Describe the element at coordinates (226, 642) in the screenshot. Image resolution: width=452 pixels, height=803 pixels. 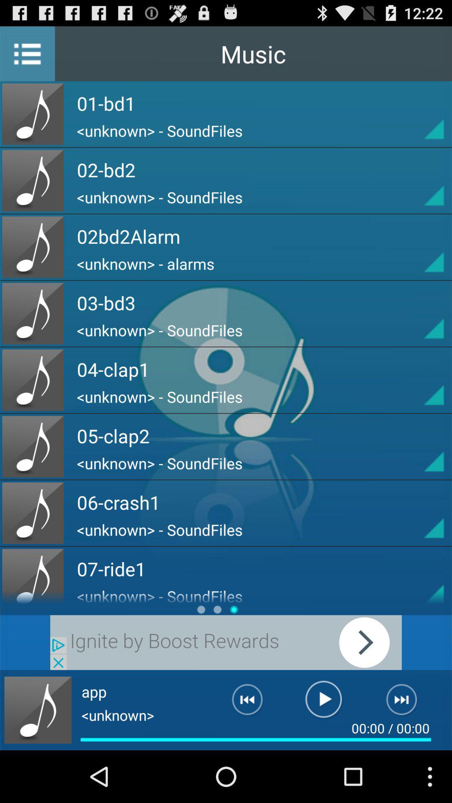
I see `next` at that location.